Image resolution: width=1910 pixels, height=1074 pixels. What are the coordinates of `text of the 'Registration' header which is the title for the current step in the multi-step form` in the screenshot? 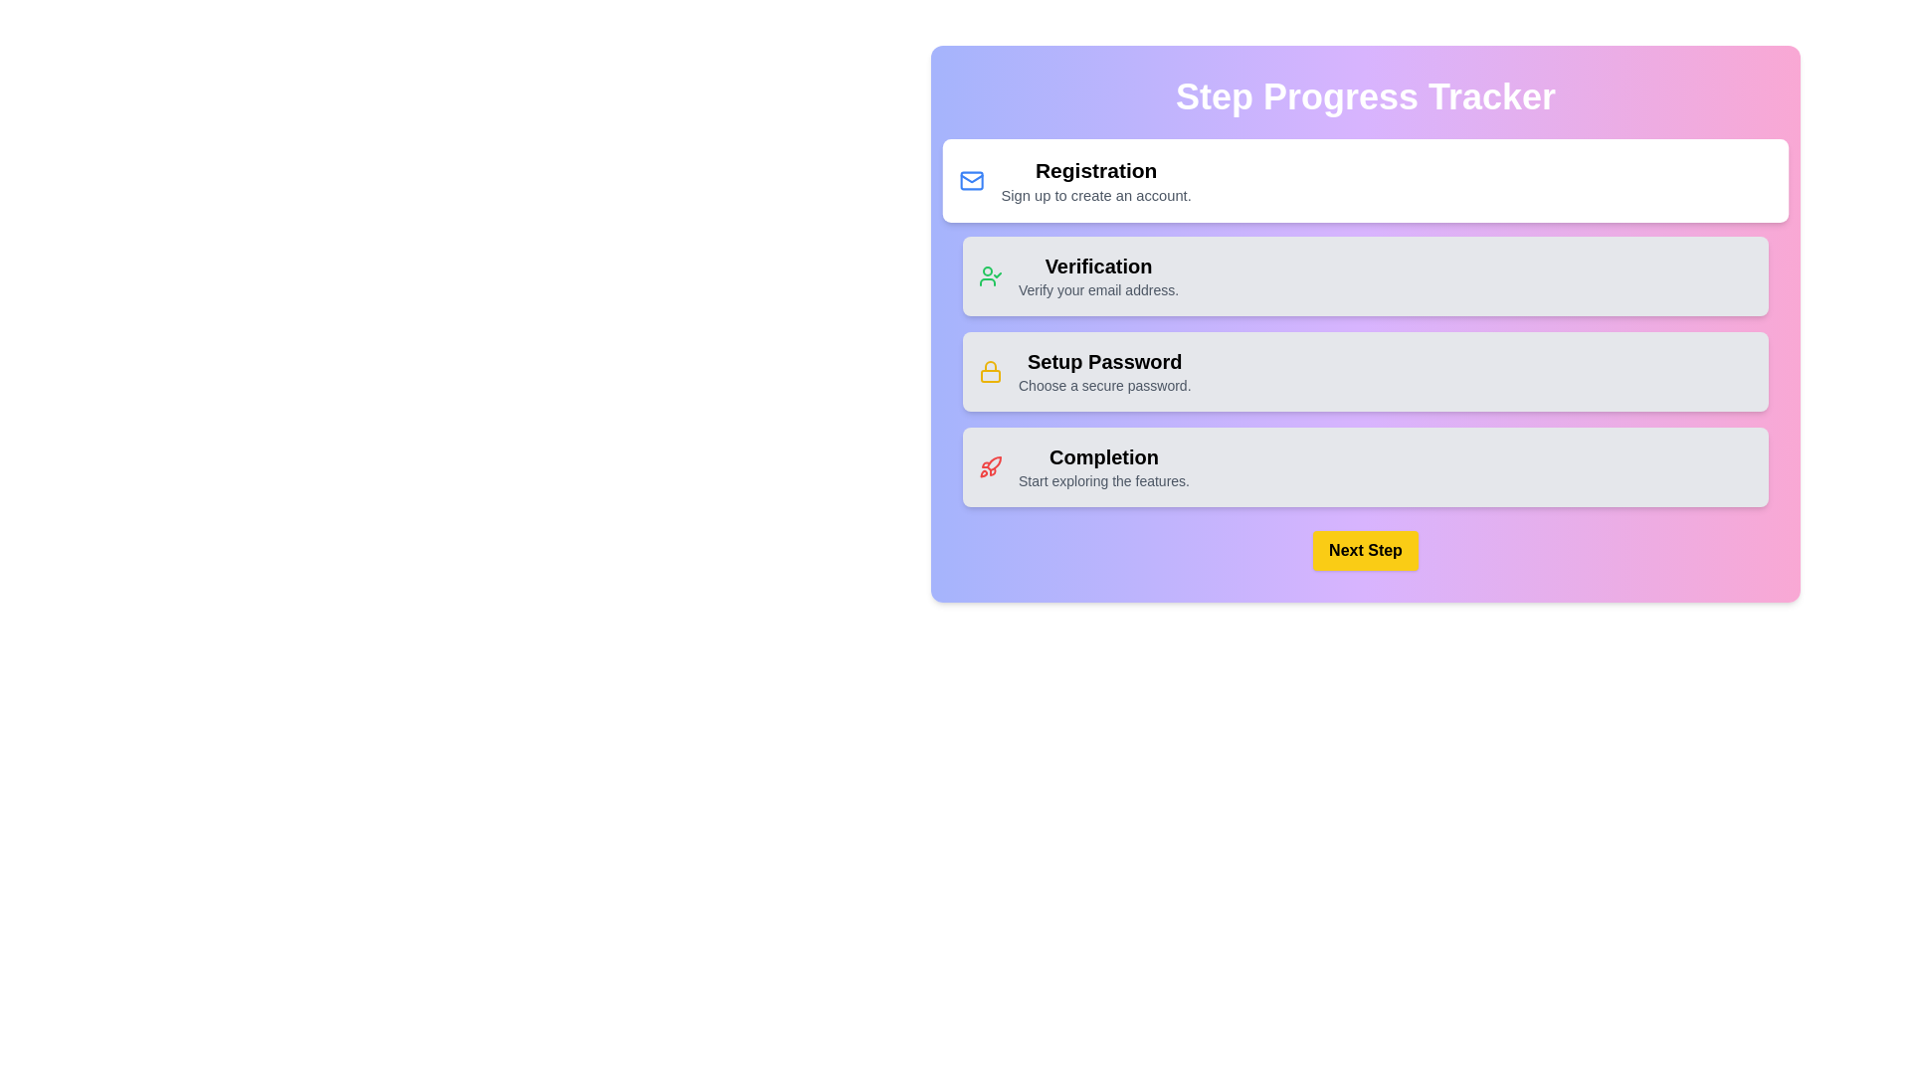 It's located at (1095, 169).